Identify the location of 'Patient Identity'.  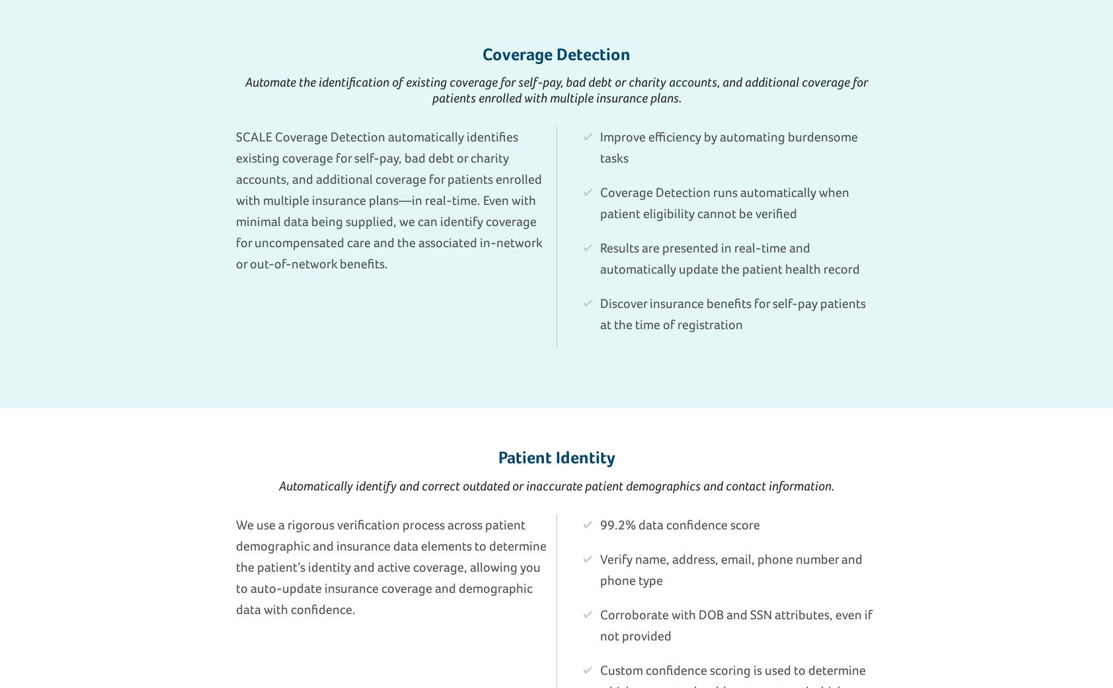
(556, 456).